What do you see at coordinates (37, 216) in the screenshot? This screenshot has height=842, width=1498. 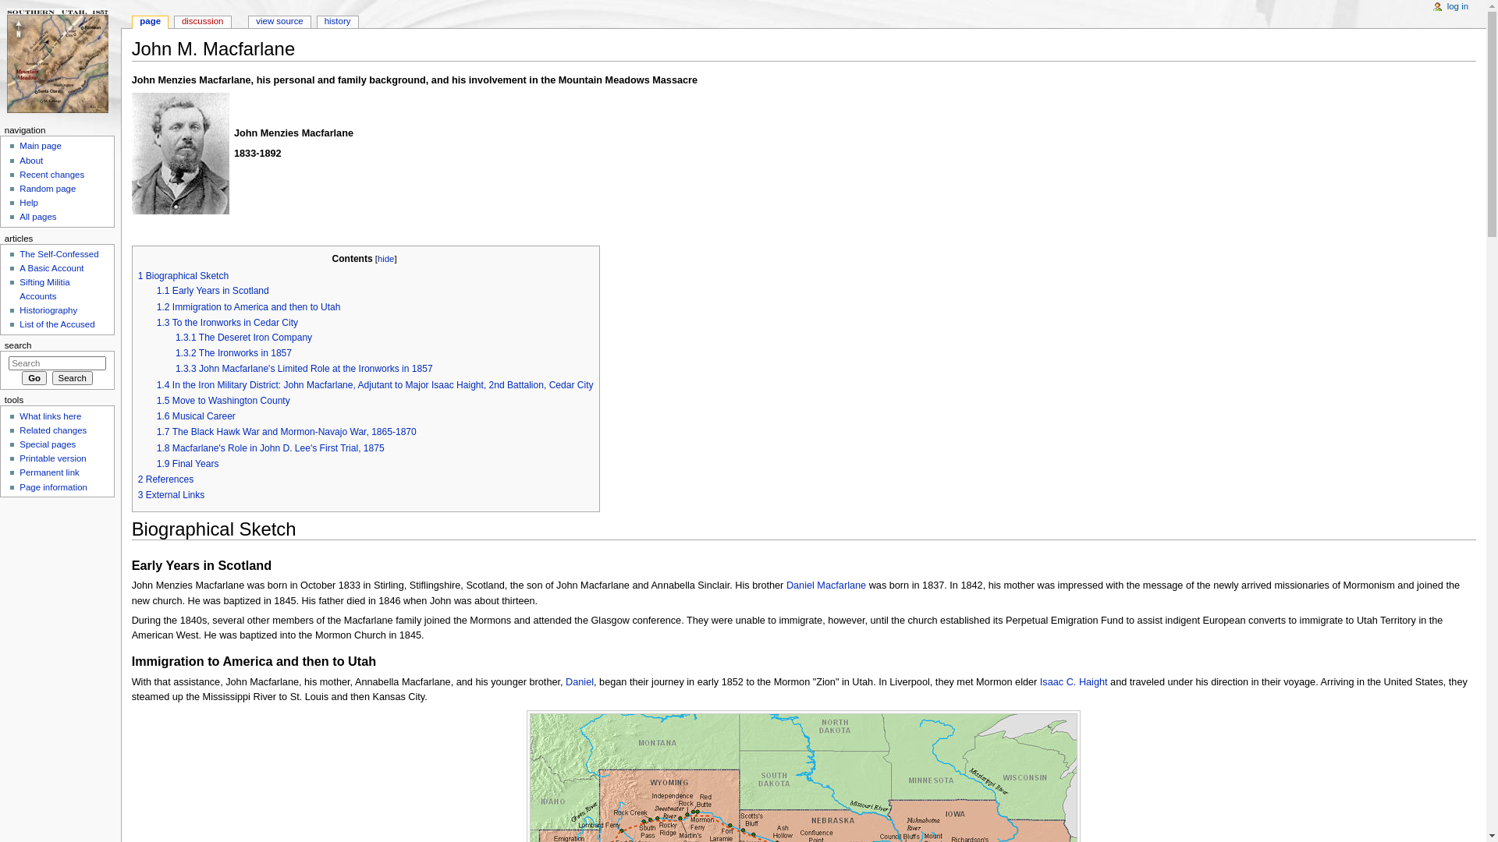 I see `'All pages'` at bounding box center [37, 216].